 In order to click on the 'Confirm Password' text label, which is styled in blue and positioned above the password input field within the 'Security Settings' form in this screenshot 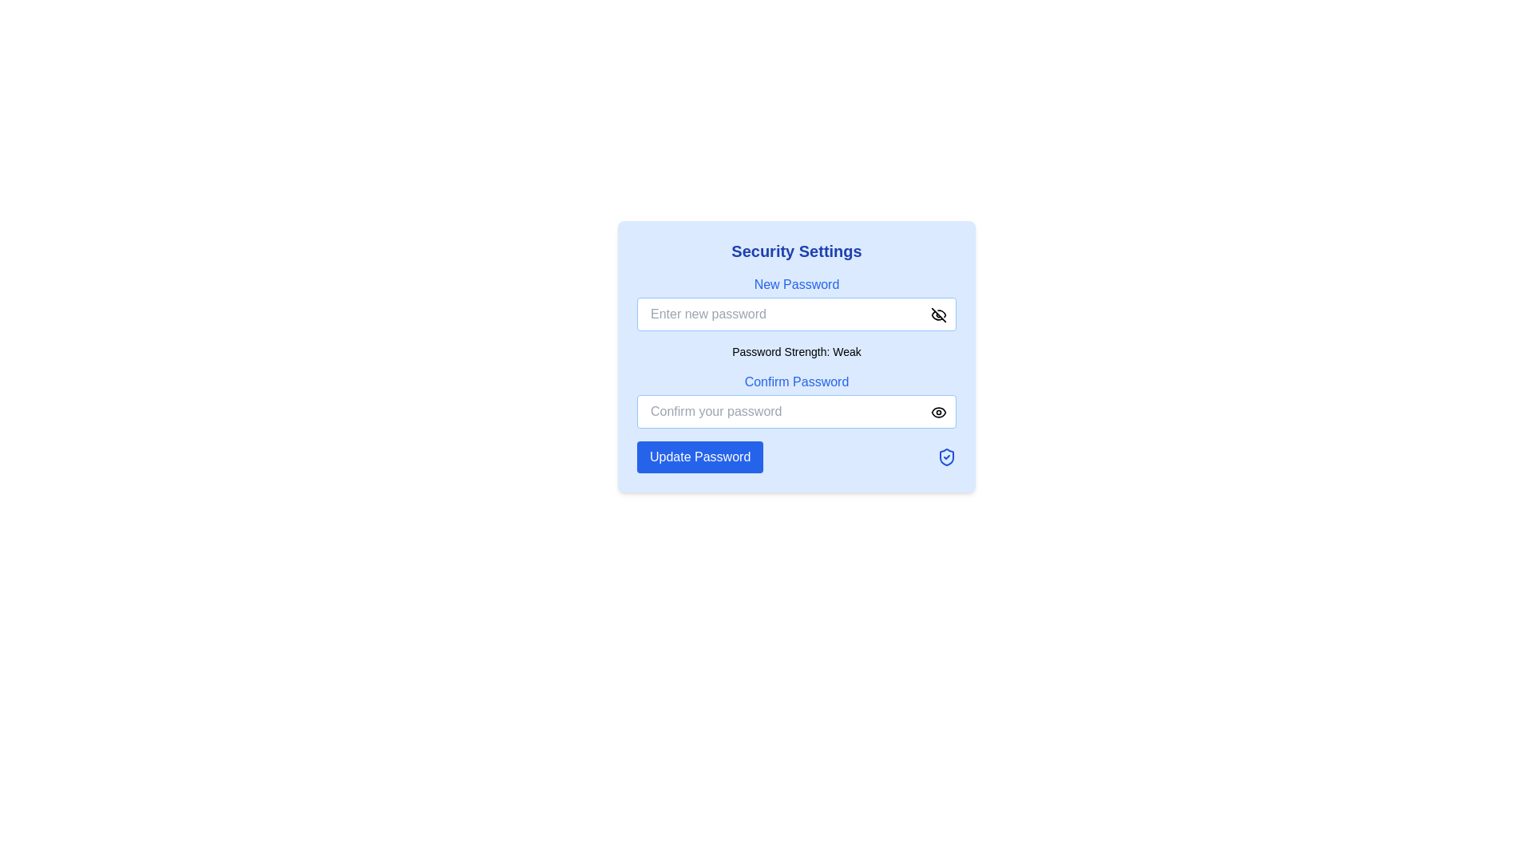, I will do `click(797, 382)`.